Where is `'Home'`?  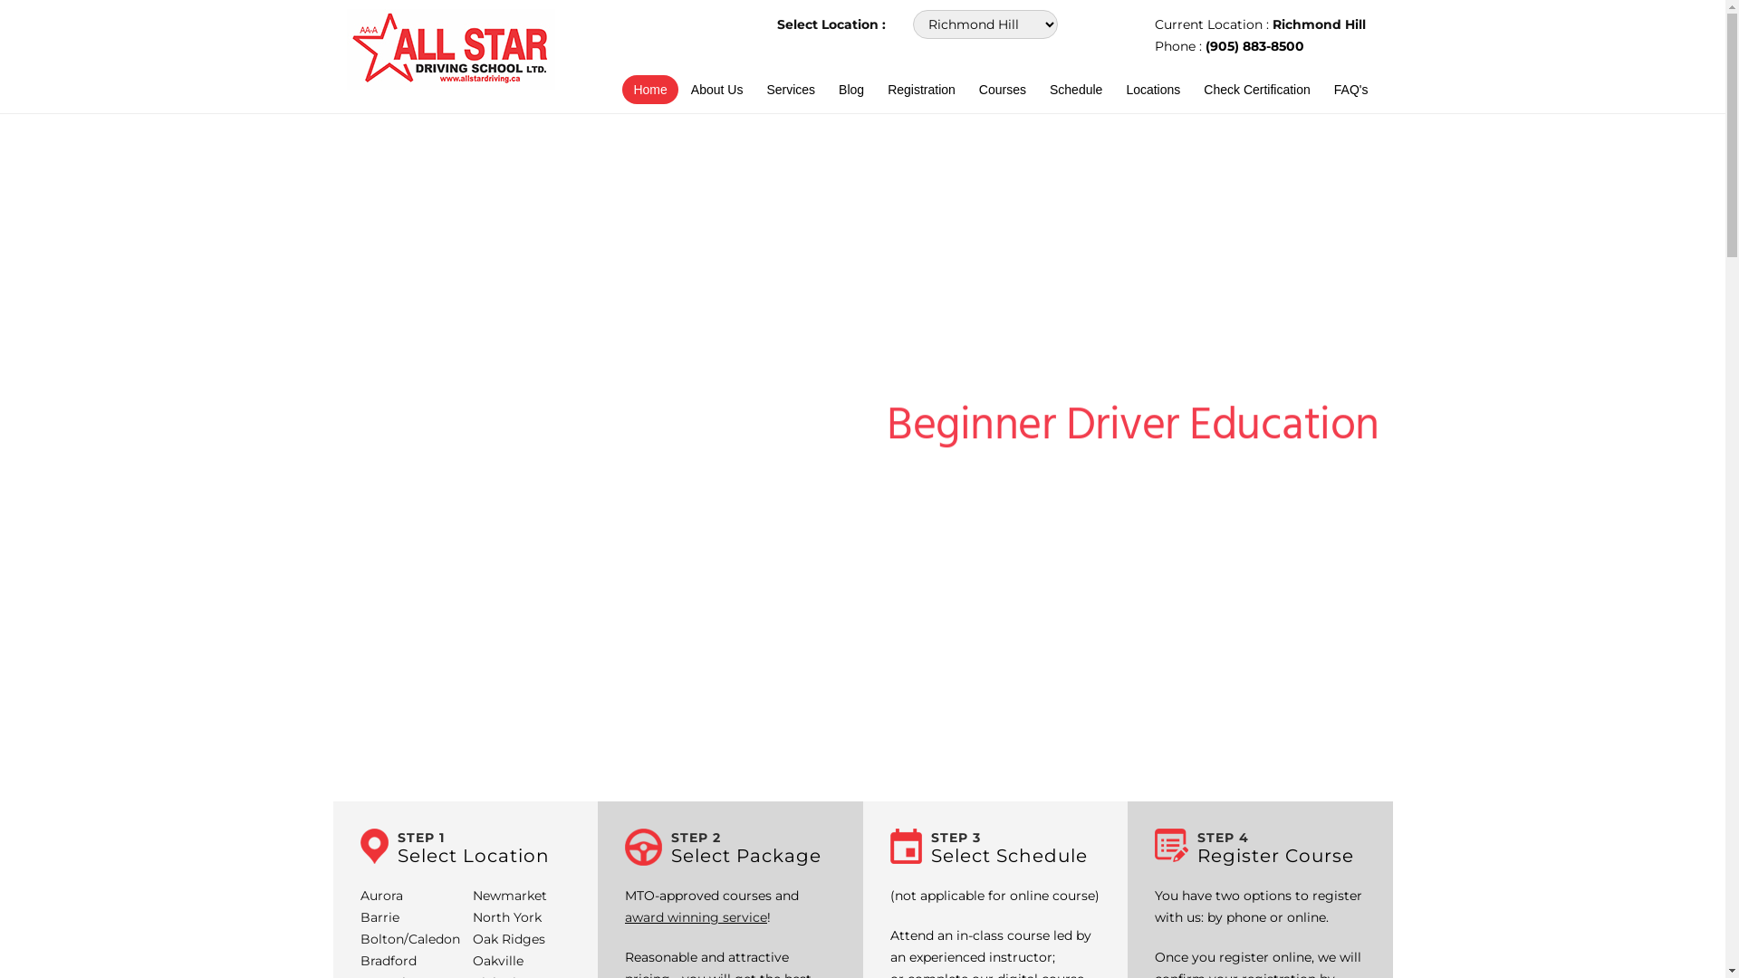 'Home' is located at coordinates (621, 90).